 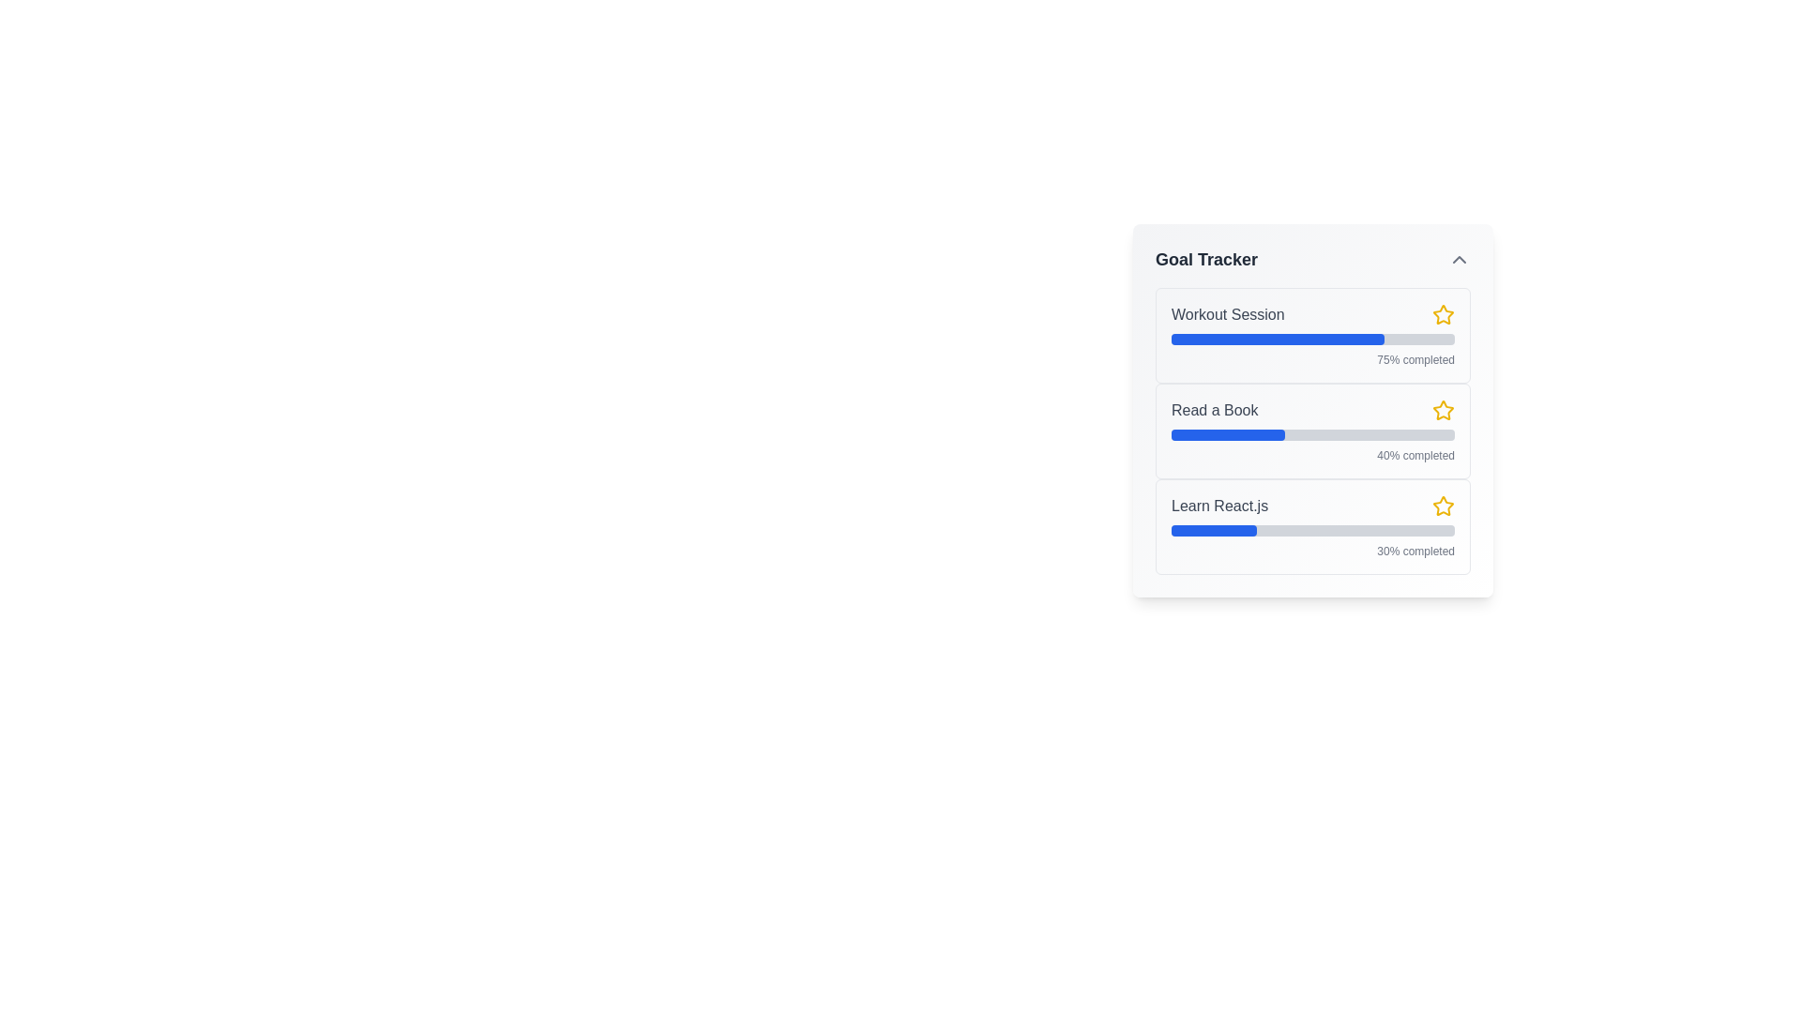 I want to click on the text label that serves as a header for the section below, indicating its functionality, so click(x=1206, y=260).